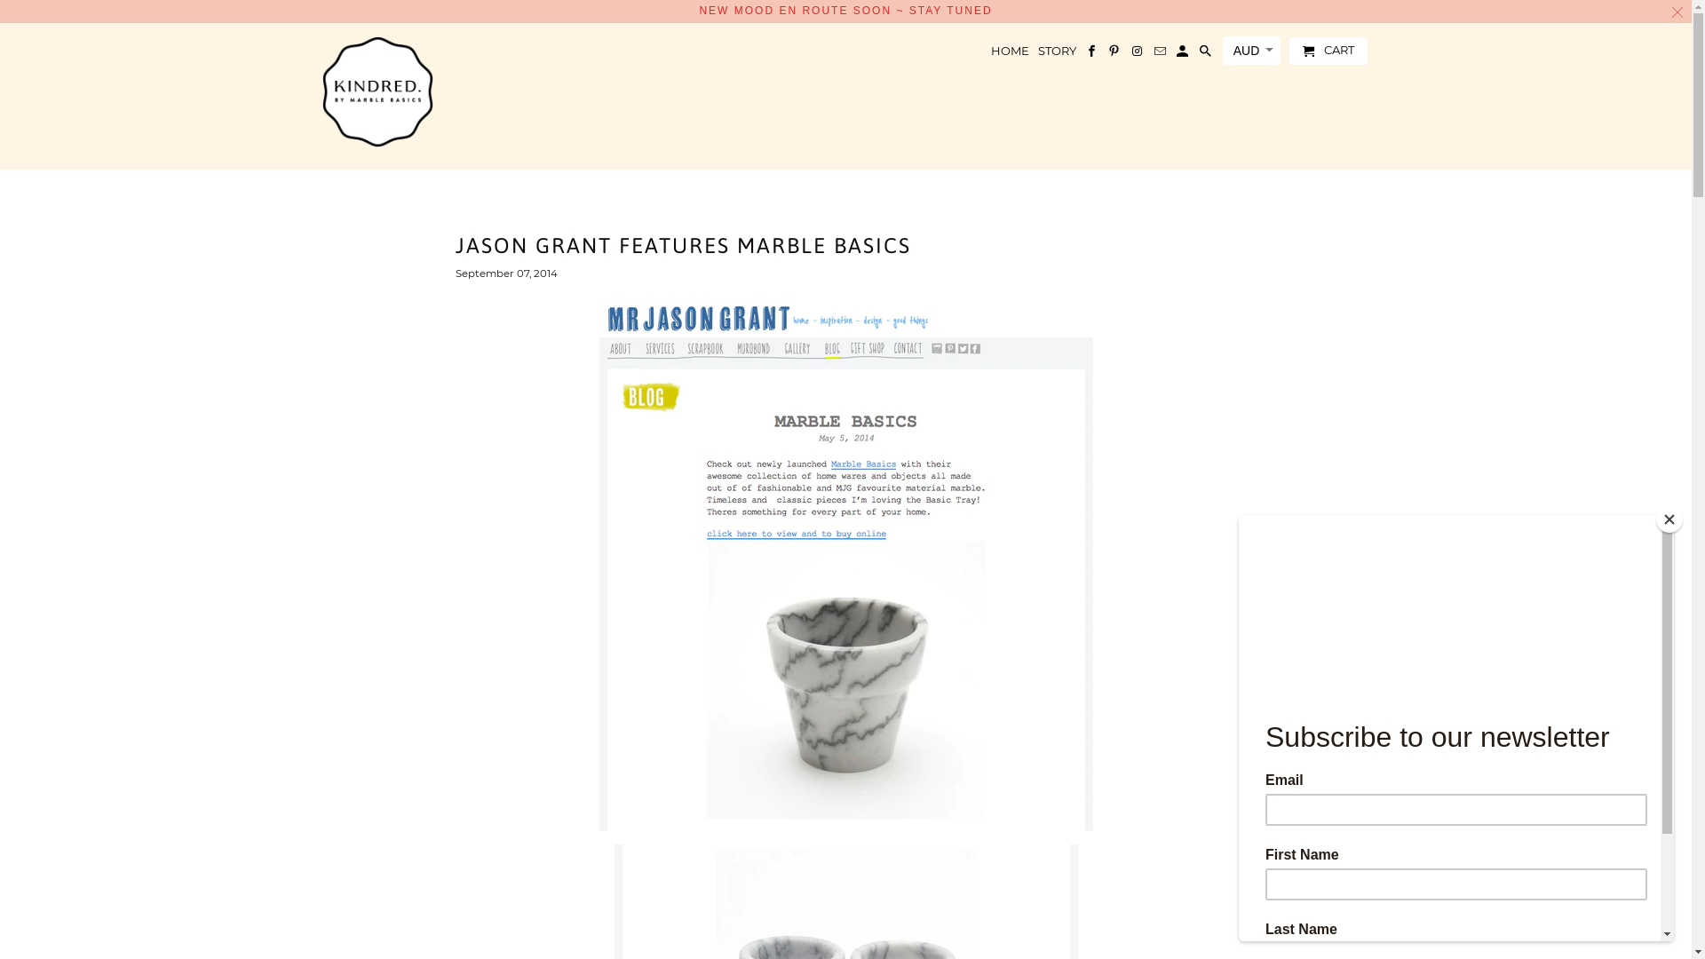 The image size is (1705, 959). What do you see at coordinates (1154, 53) in the screenshot?
I see `'Email Marble Basics'` at bounding box center [1154, 53].